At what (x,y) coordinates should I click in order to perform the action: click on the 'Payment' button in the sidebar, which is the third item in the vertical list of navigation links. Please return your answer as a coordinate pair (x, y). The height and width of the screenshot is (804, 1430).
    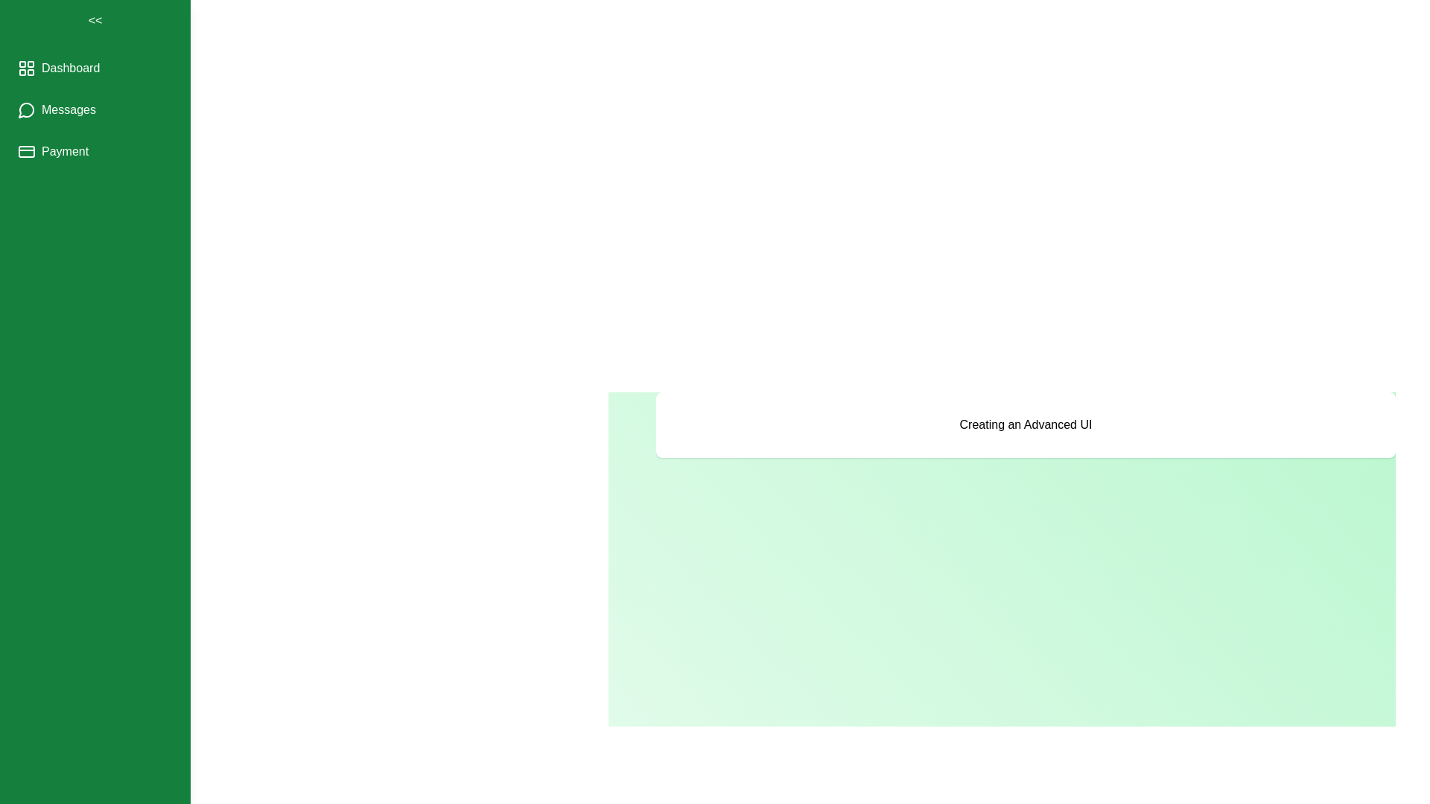
    Looking at the image, I should click on (53, 152).